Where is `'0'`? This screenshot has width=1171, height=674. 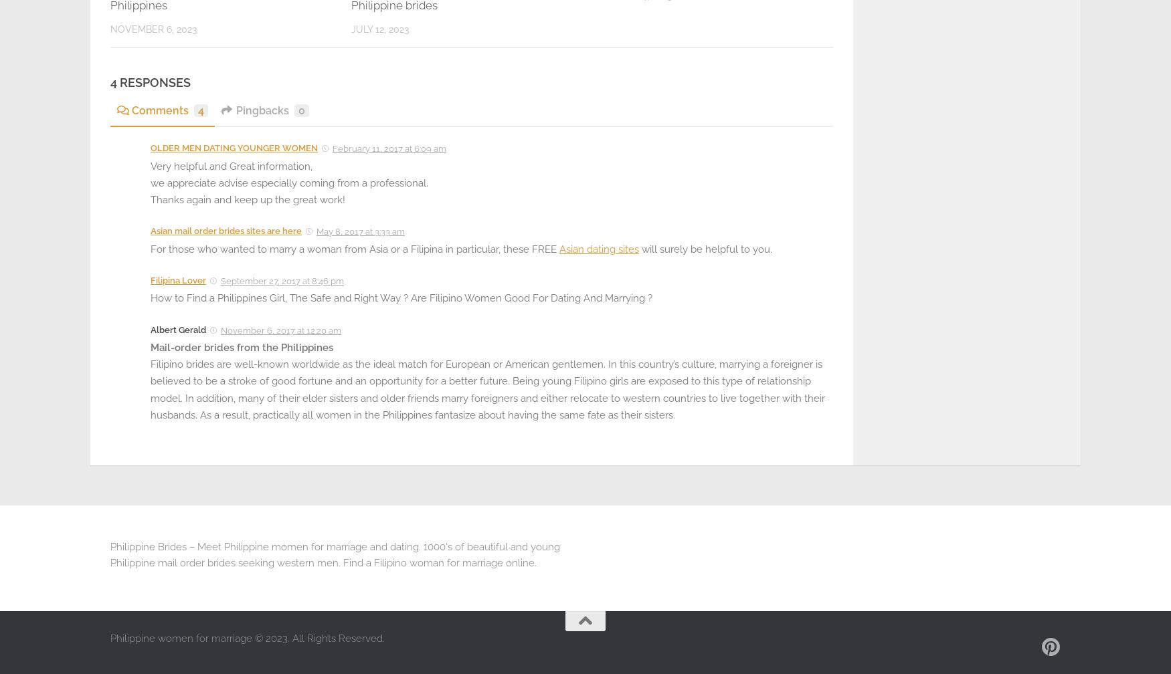 '0' is located at coordinates (301, 110).